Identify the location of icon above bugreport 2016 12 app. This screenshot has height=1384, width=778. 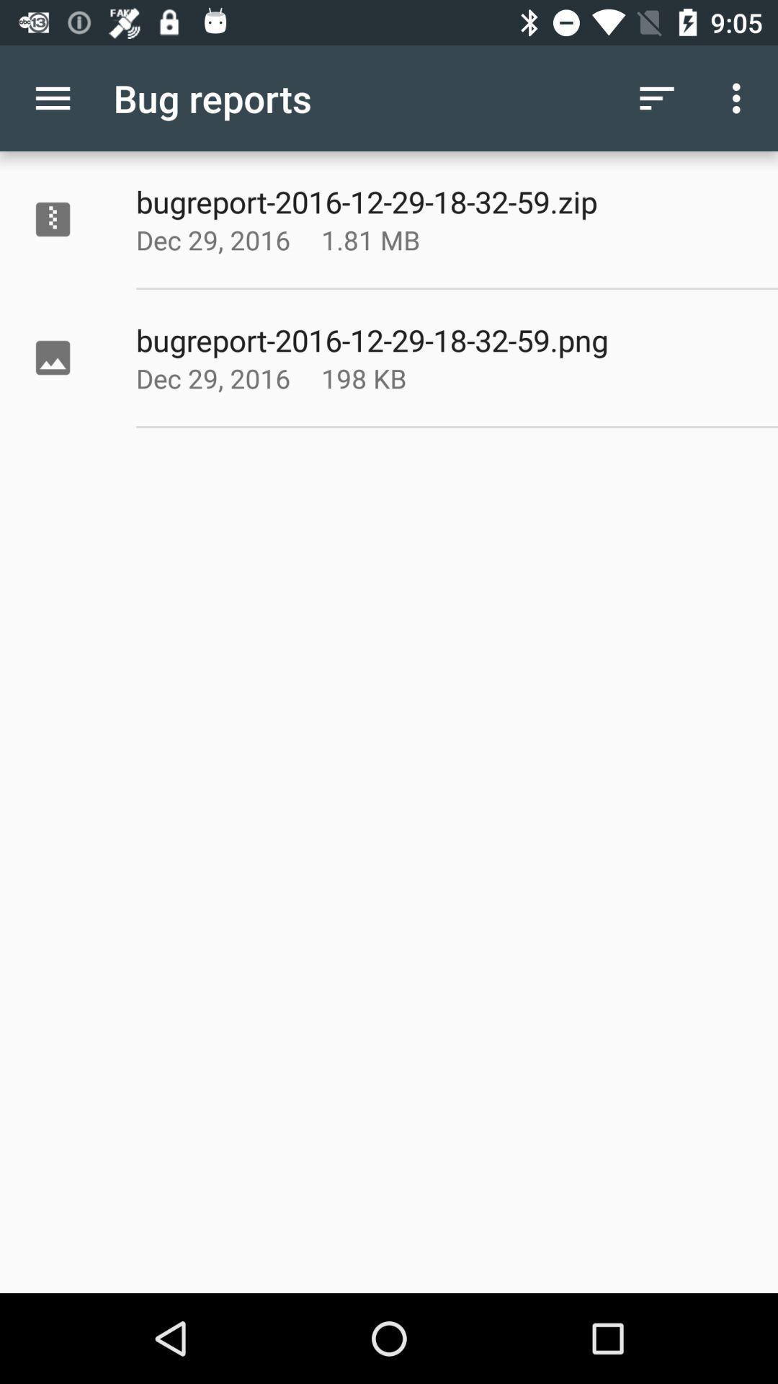
(740, 97).